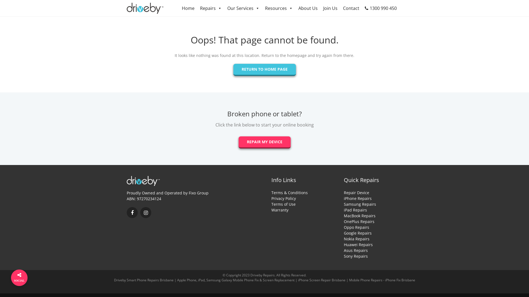 The width and height of the screenshot is (529, 297). Describe the element at coordinates (357, 238) in the screenshot. I see `'Nokia Repairs'` at that location.